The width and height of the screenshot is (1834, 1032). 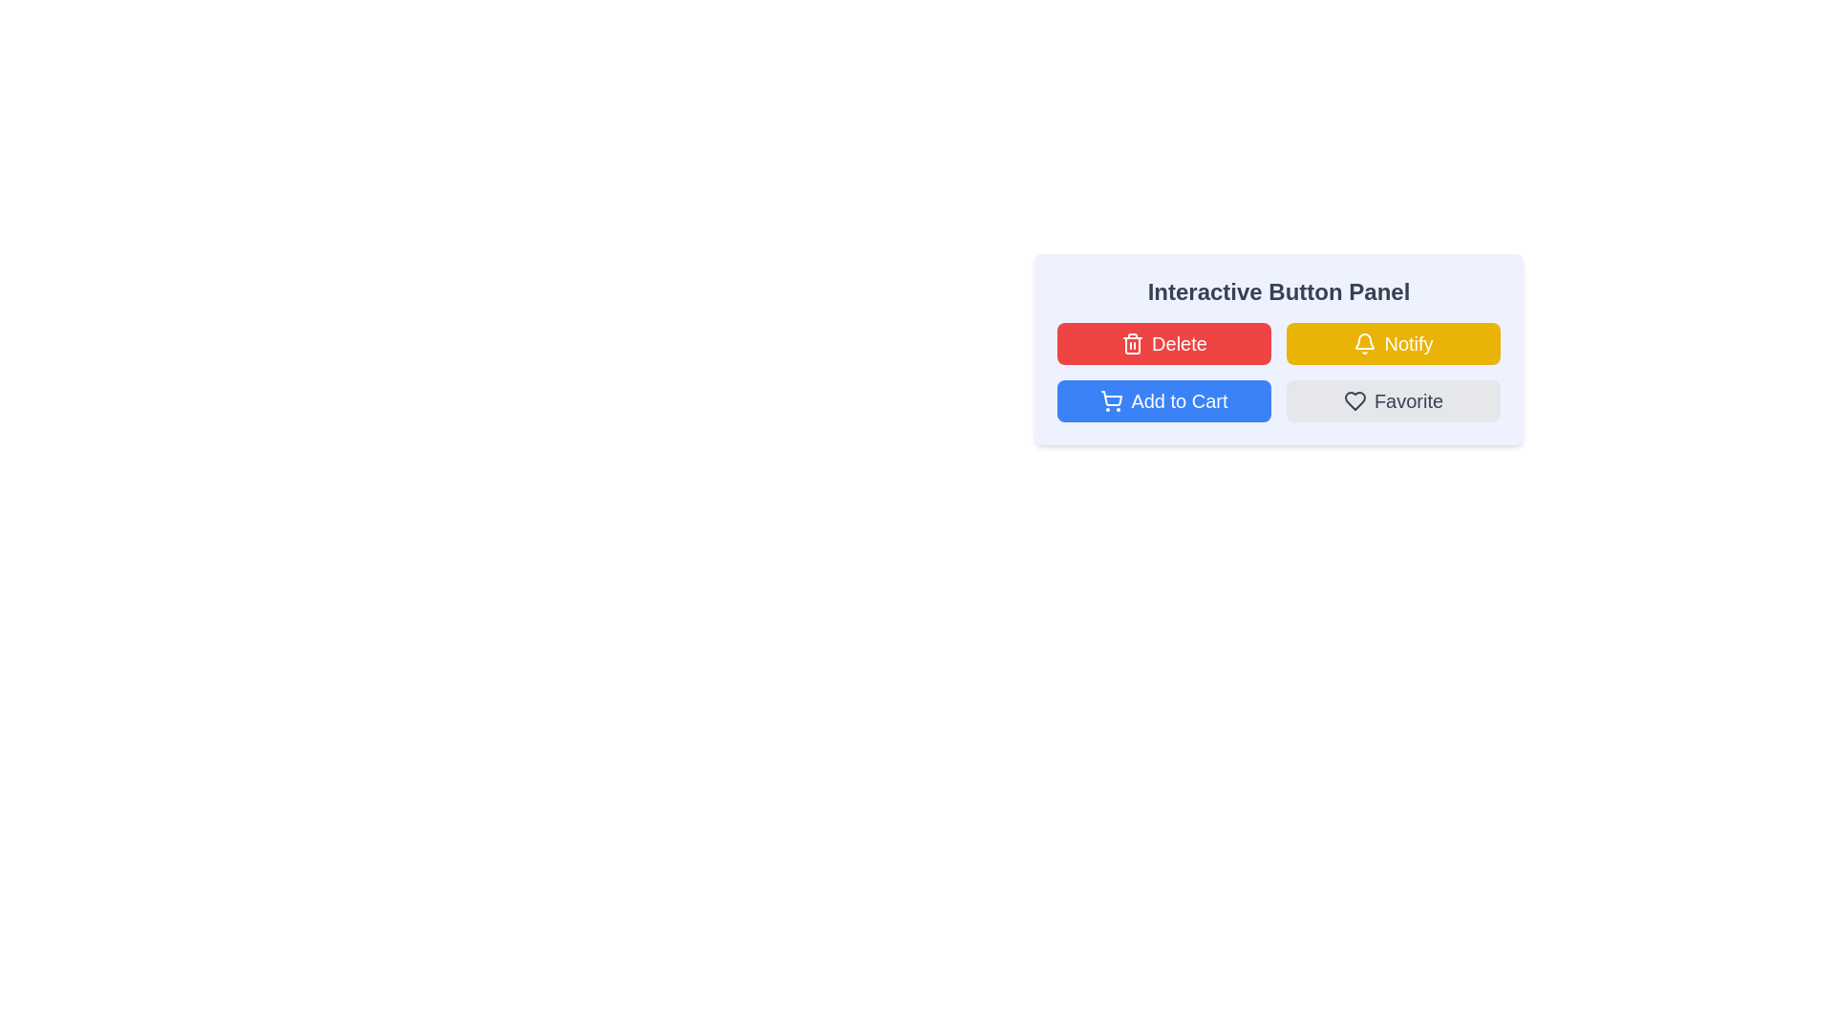 I want to click on the bell icon located within the 'Notify' button in the upper right corner of the button panel, so click(x=1364, y=340).